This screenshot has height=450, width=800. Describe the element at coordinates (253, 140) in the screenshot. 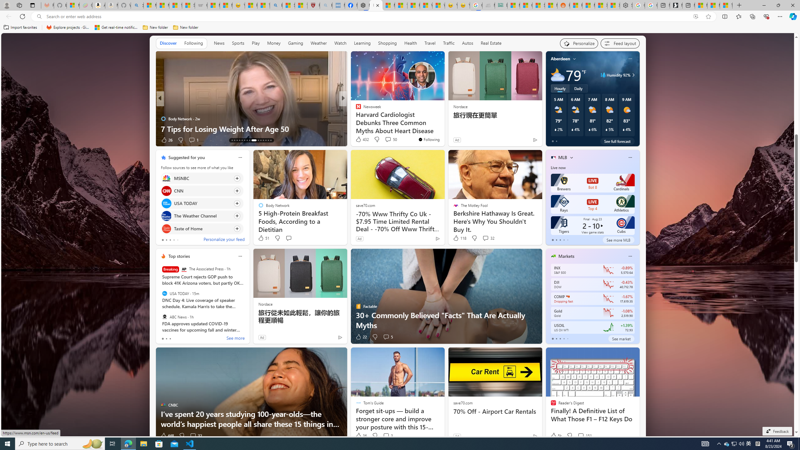

I see `'AutomationID: tab-74'` at that location.